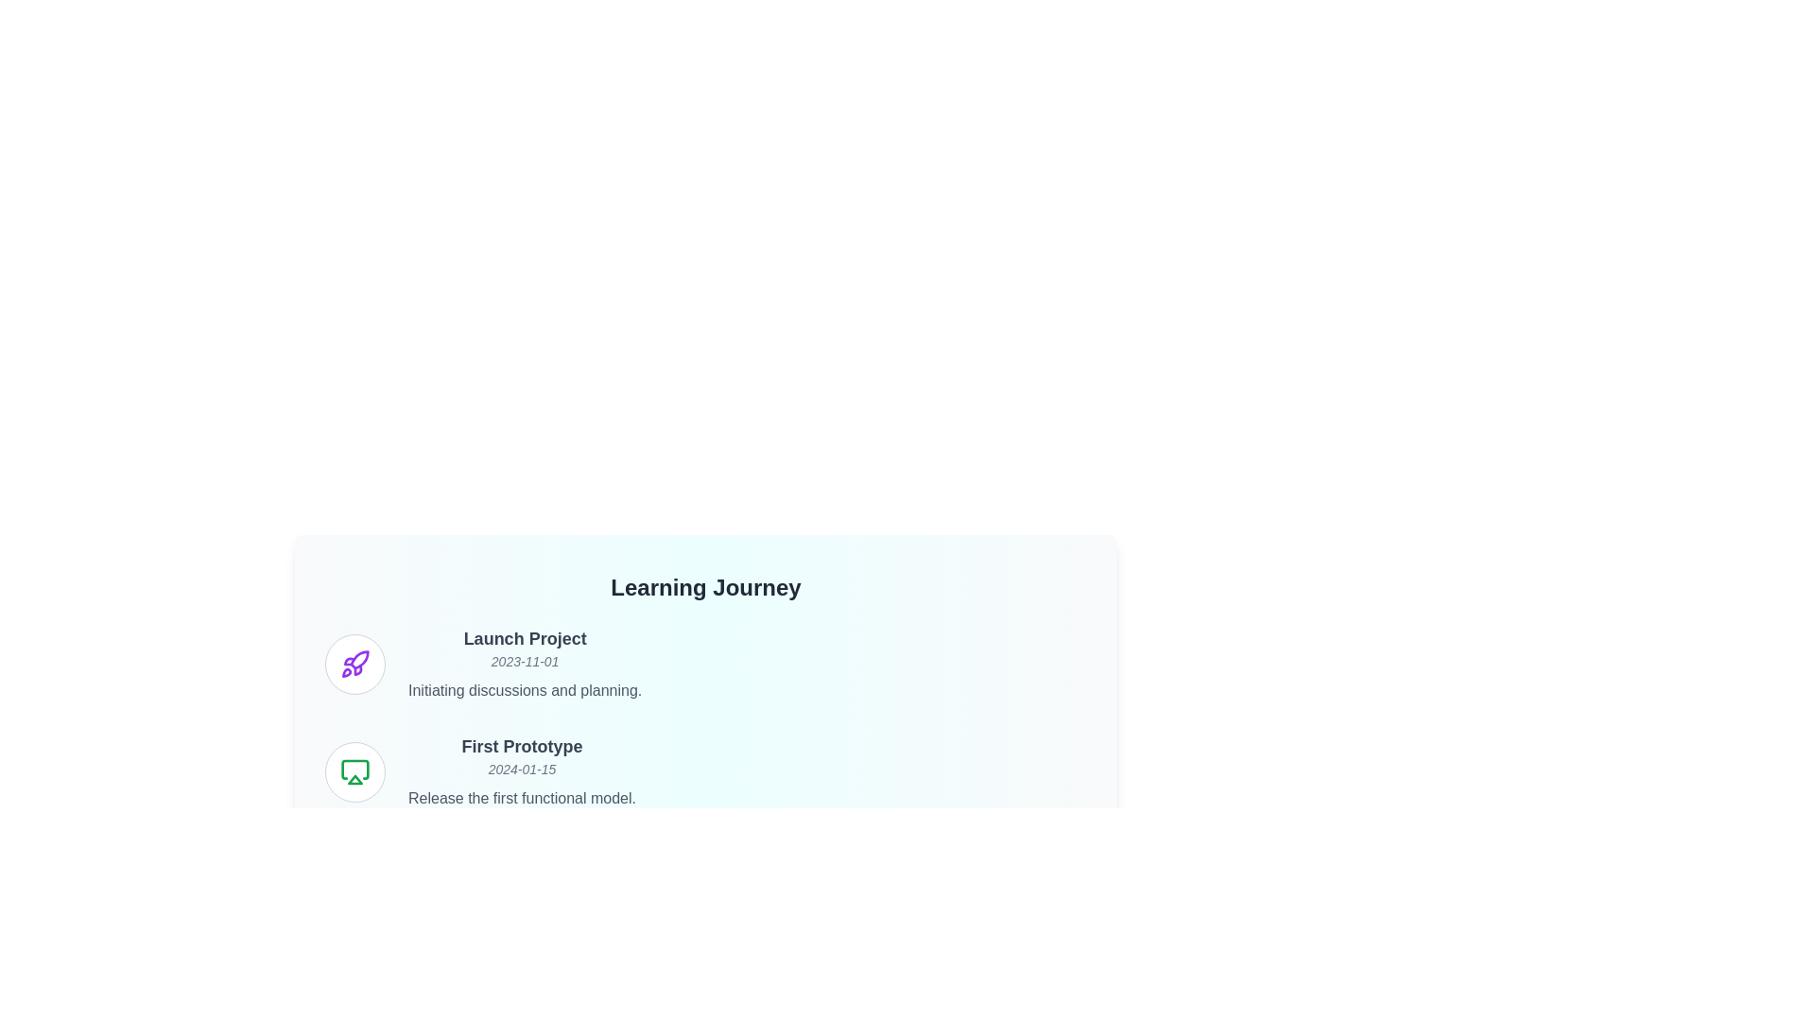 This screenshot has height=1021, width=1815. I want to click on the icon representing the 'Launch Project' initiative, located to the left of the text 'Launch Project 2023-11-01 Initiating discussions and planning.', so click(354, 663).